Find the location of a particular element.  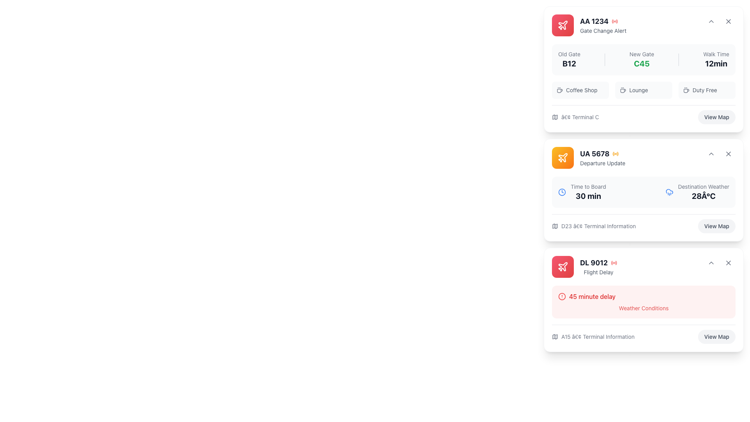

the visual representation of the clock icon, which is styled with a circular outline and clock hands, rendered in blue, and located to the left of the 'Time to Board' text in the 'Departure Update' card for flight UA 5678 is located at coordinates (562, 192).